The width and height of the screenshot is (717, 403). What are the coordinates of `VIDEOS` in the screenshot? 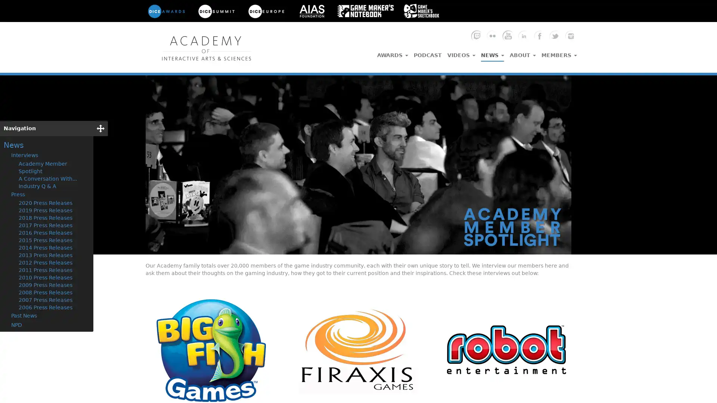 It's located at (461, 53).